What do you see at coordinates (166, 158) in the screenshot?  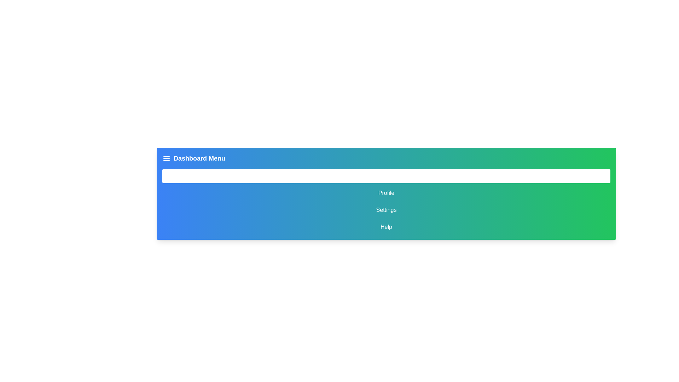 I see `the hamburger menu icon located in the blue header bar` at bounding box center [166, 158].